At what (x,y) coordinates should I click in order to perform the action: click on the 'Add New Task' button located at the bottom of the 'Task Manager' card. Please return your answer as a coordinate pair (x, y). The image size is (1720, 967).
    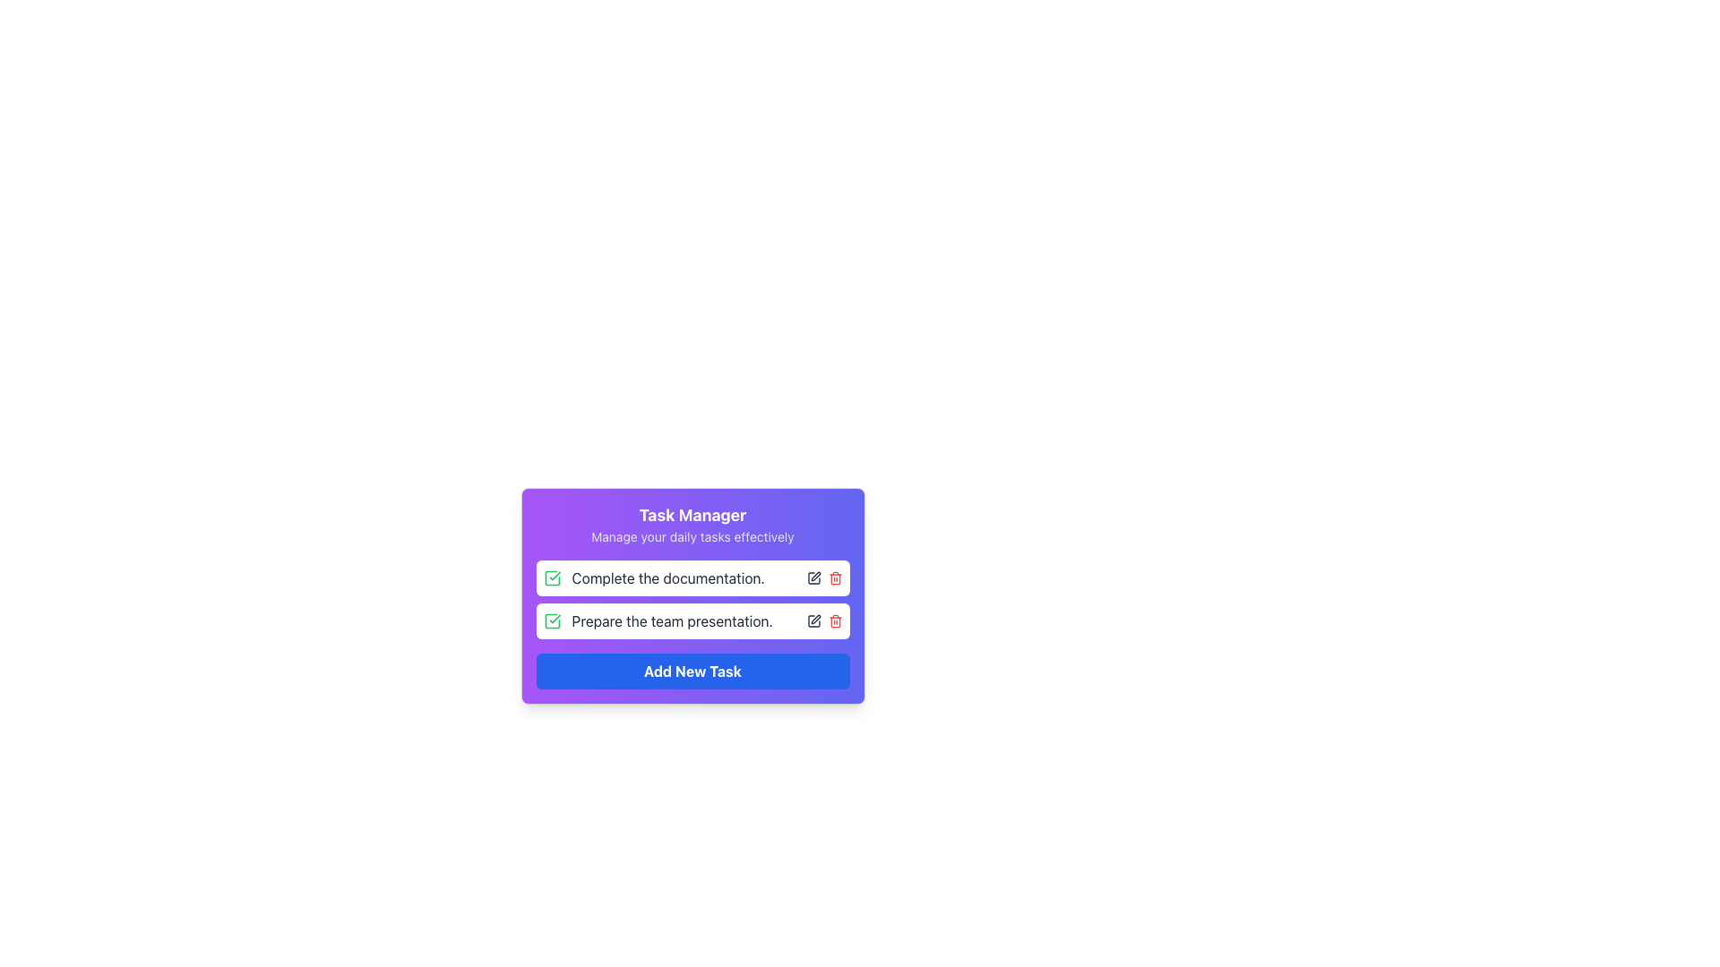
    Looking at the image, I should click on (692, 671).